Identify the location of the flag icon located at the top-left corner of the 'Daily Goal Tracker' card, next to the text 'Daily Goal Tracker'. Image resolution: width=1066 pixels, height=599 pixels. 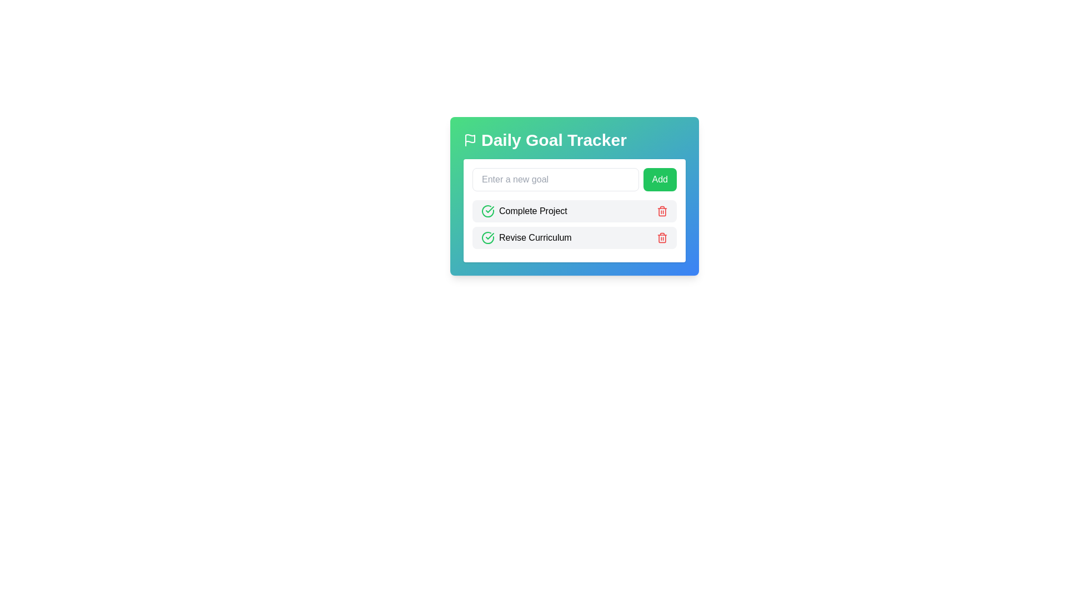
(470, 138).